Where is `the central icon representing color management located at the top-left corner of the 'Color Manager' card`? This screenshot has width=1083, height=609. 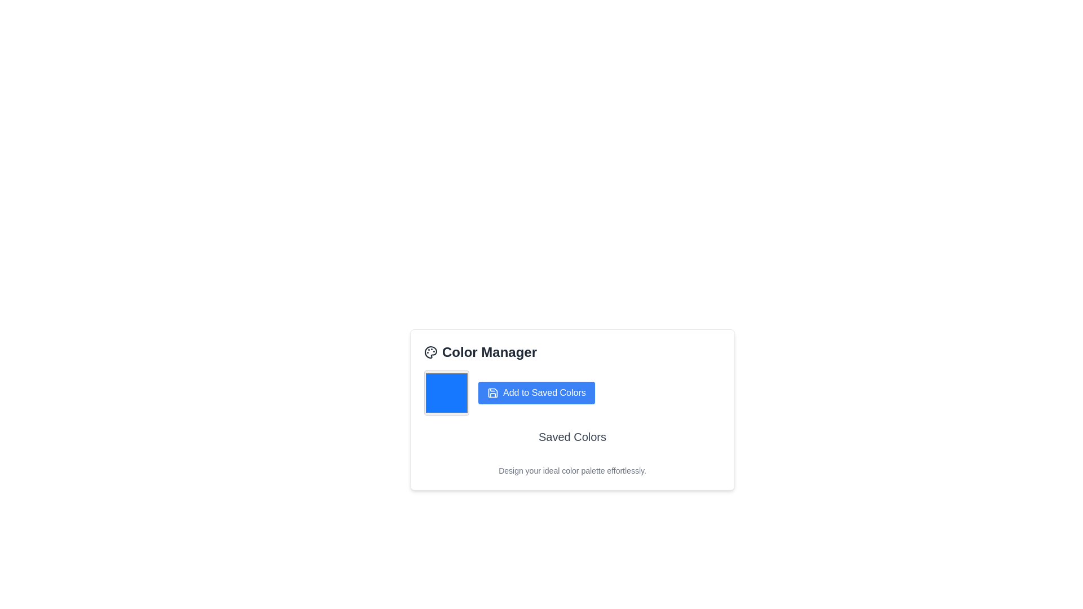 the central icon representing color management located at the top-left corner of the 'Color Manager' card is located at coordinates (430, 351).